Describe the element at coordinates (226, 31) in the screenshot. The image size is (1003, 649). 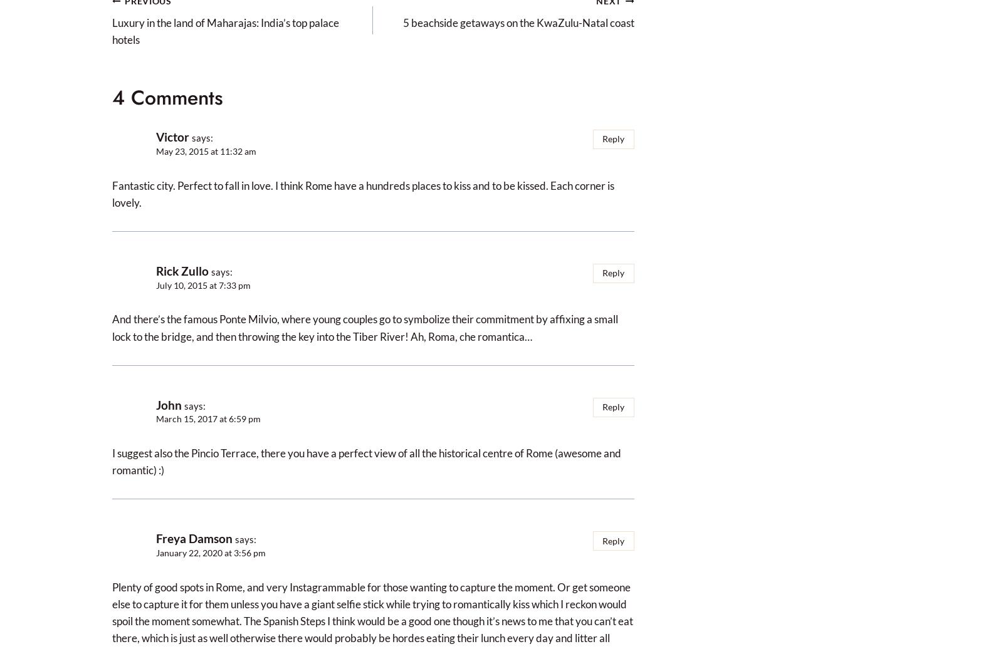
I see `'Luxury in the land of Maharajas: India’s top palace hotels'` at that location.